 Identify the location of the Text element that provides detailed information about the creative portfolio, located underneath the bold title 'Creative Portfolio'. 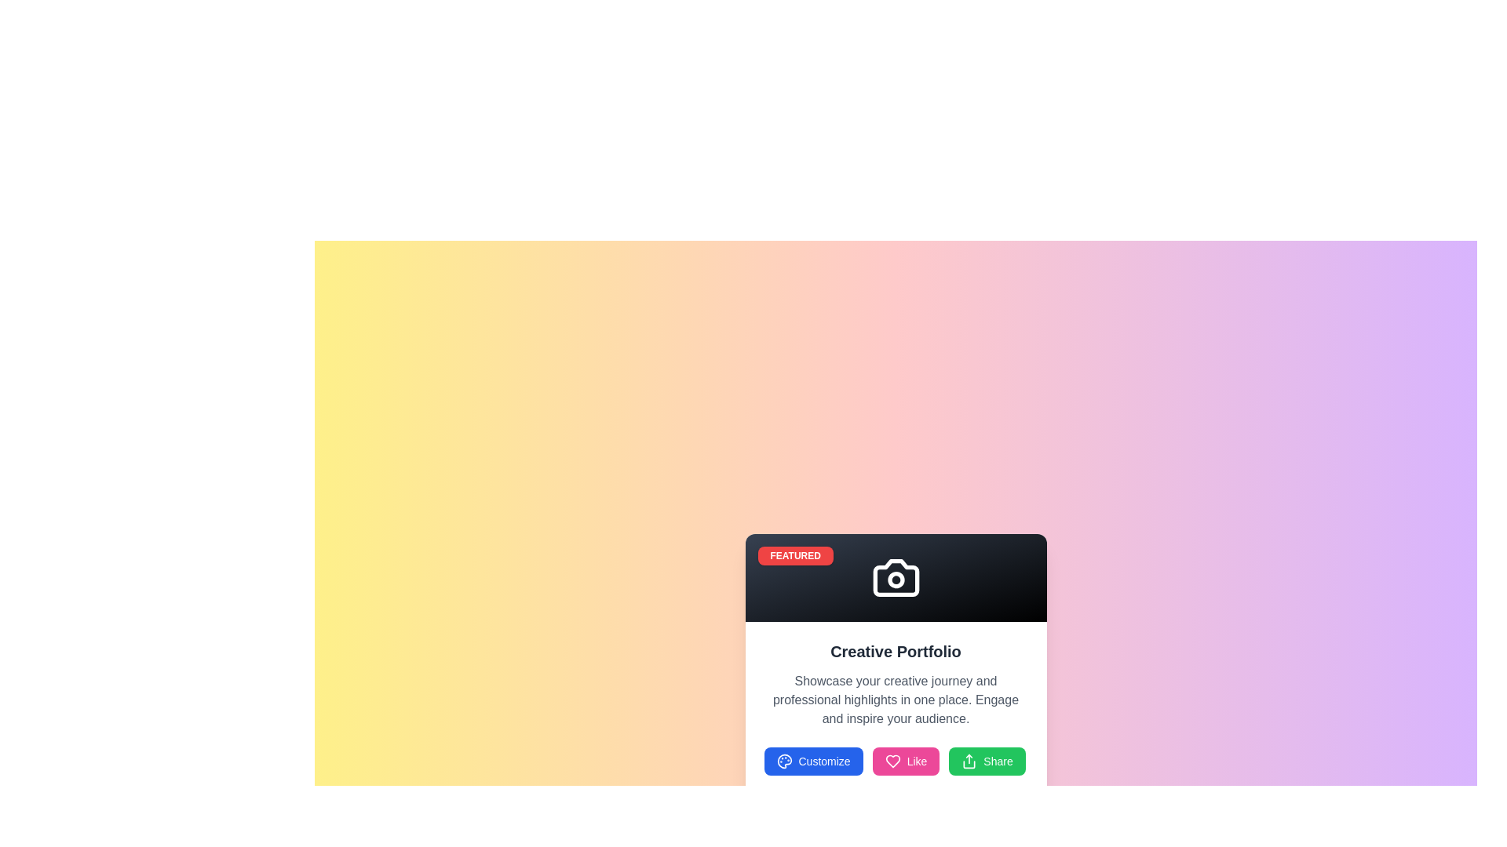
(896, 700).